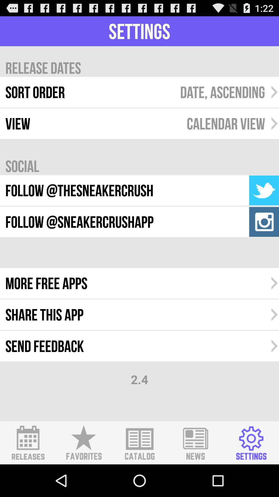  I want to click on settings, so click(251, 443).